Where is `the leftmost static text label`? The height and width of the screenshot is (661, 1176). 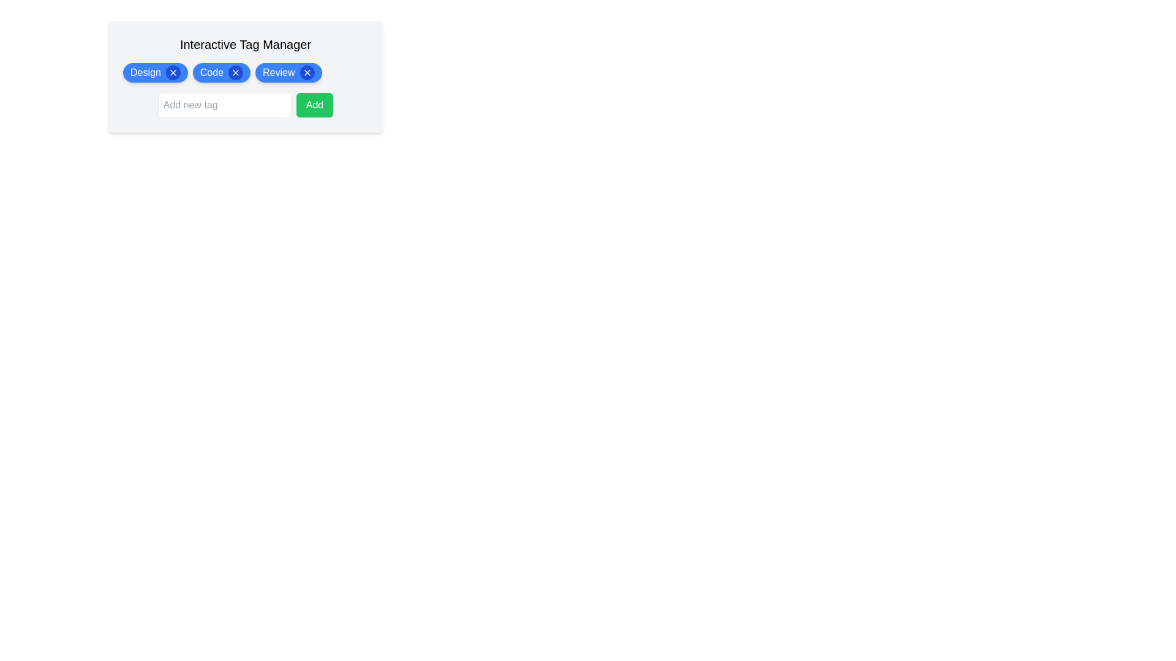
the leftmost static text label is located at coordinates (145, 73).